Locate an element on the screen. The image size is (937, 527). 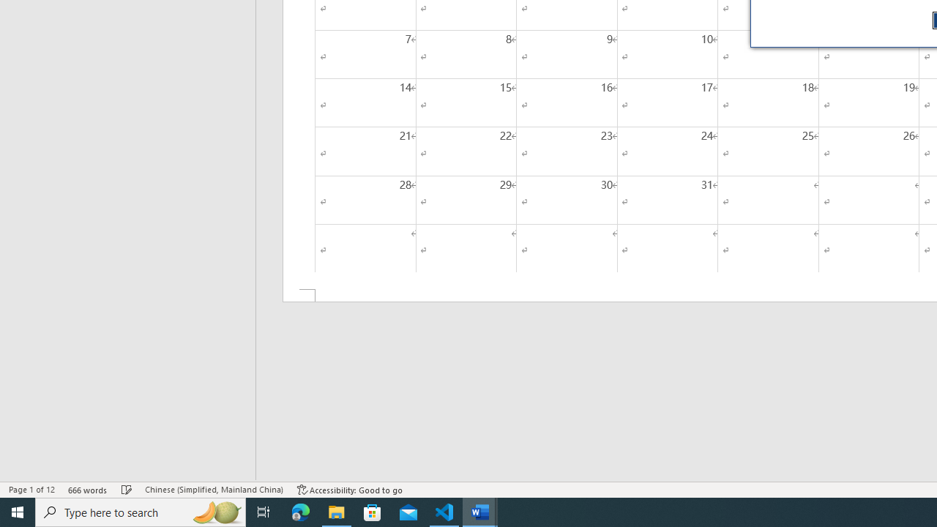
'Accessibility Checker Accessibility: Good to go' is located at coordinates (349, 490).